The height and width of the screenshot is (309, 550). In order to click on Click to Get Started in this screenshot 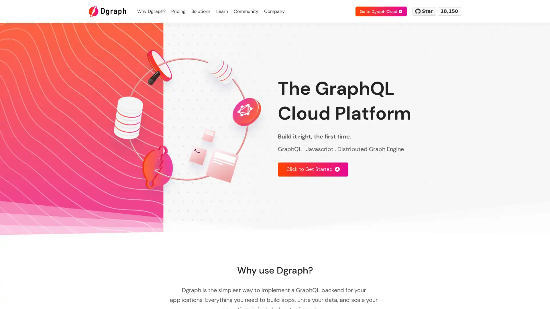, I will do `click(313, 169)`.